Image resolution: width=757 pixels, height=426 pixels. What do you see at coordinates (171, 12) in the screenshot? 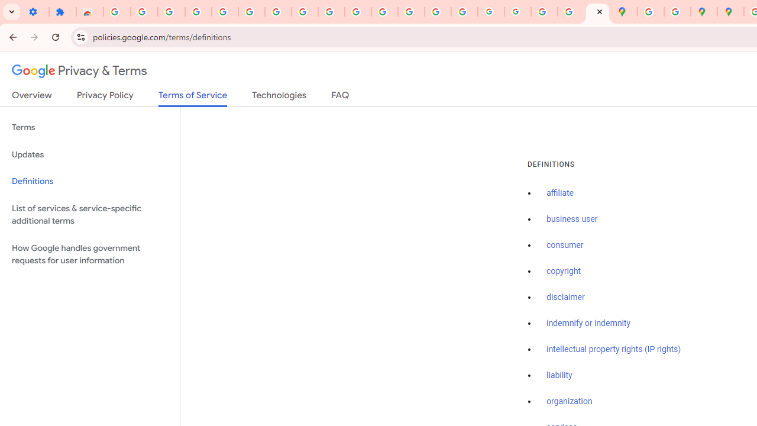
I see `'Delete photos & videos - Computer - Google Photos Help'` at bounding box center [171, 12].